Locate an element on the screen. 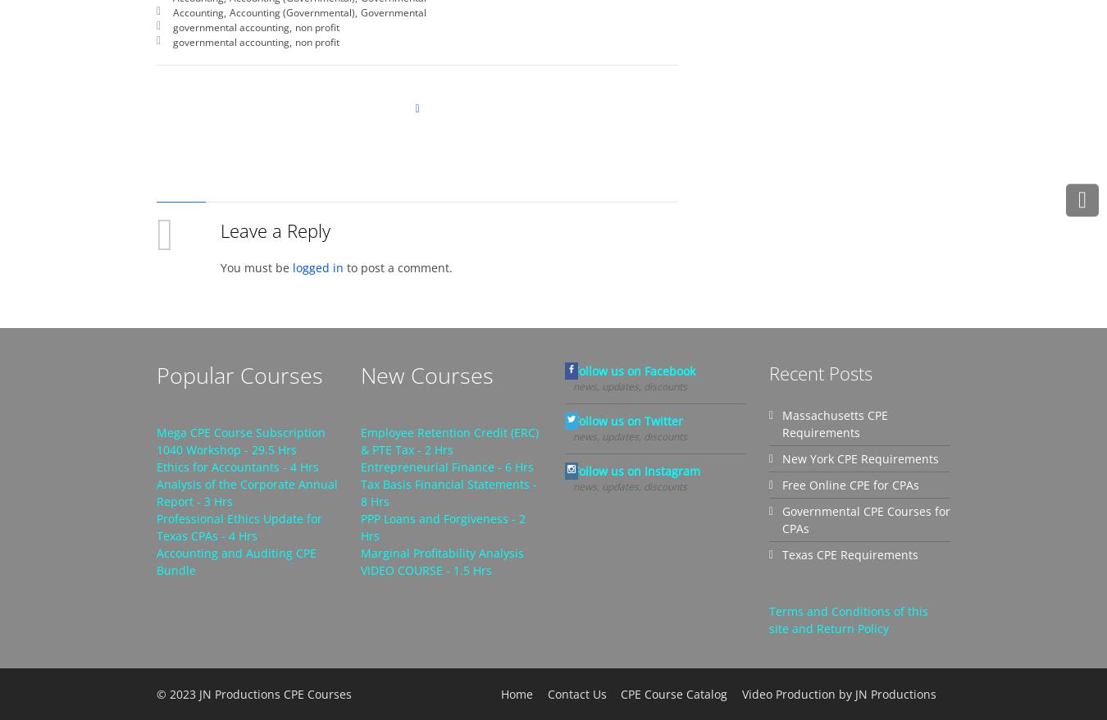 This screenshot has width=1107, height=720. 'Mega CPE Course Subscription' is located at coordinates (240, 431).